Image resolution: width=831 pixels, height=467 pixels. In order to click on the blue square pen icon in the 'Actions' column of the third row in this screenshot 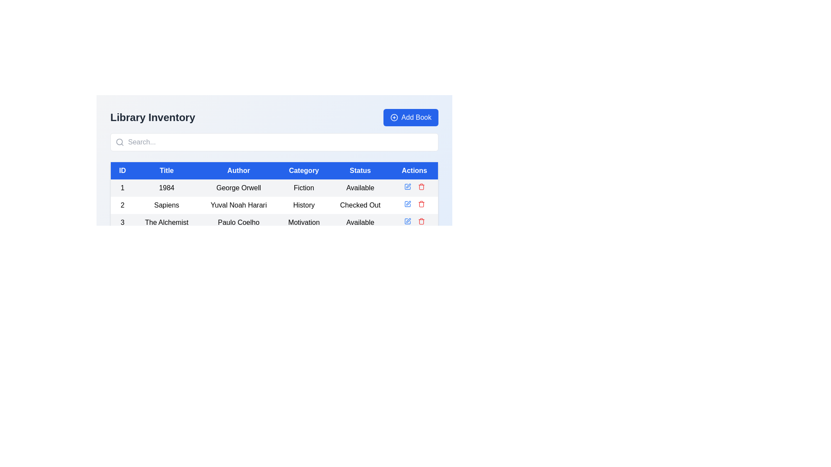, I will do `click(407, 221)`.